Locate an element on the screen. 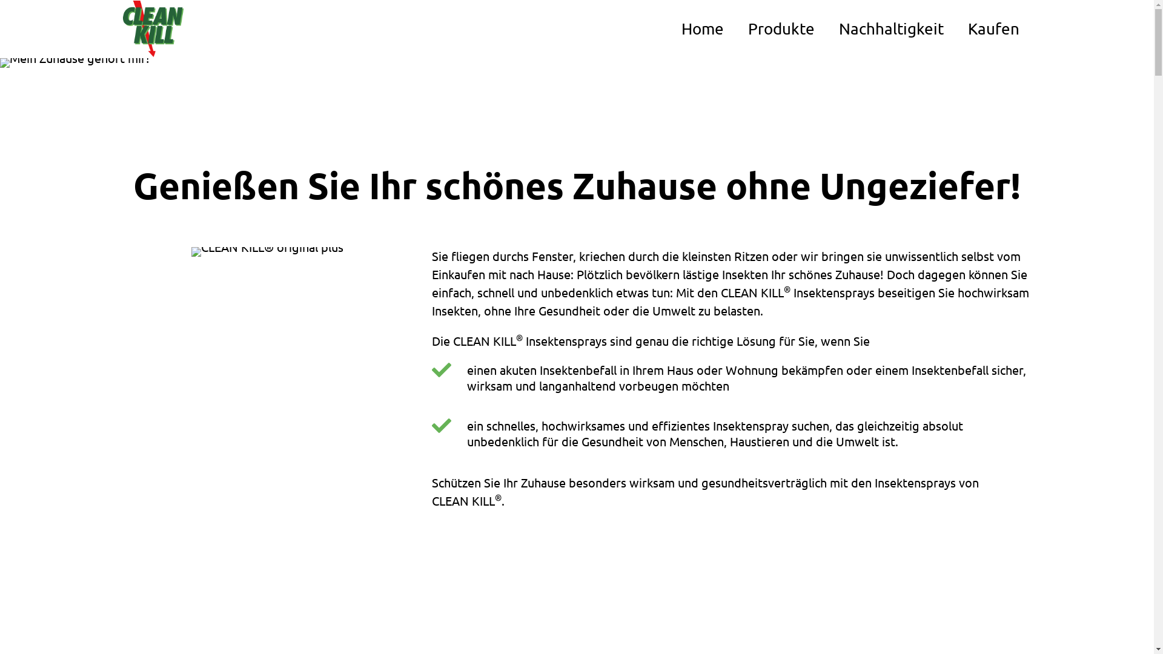 The height and width of the screenshot is (654, 1163). 'Kaufen' is located at coordinates (955, 28).